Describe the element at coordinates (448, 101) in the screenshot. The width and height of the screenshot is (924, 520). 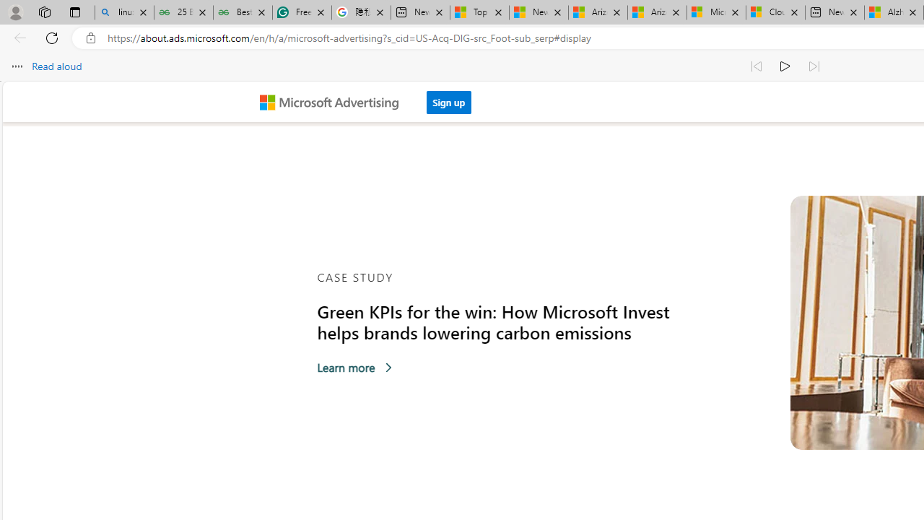
I see `'Sign up'` at that location.